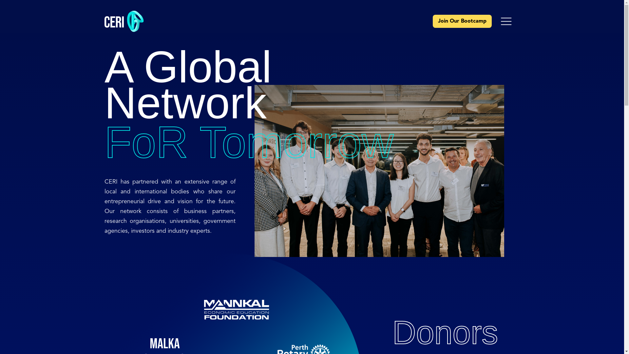  What do you see at coordinates (462, 21) in the screenshot?
I see `'Join Our Bootcamp'` at bounding box center [462, 21].